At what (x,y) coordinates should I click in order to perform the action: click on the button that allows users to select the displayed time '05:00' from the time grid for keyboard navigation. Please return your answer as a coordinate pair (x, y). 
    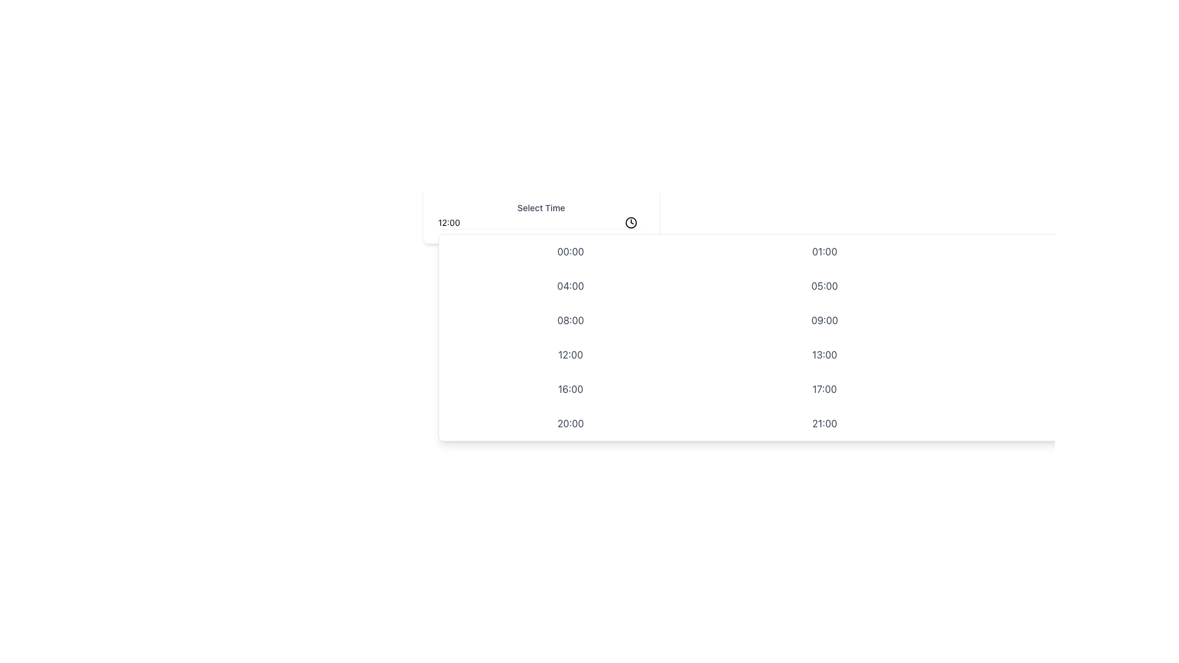
    Looking at the image, I should click on (825, 286).